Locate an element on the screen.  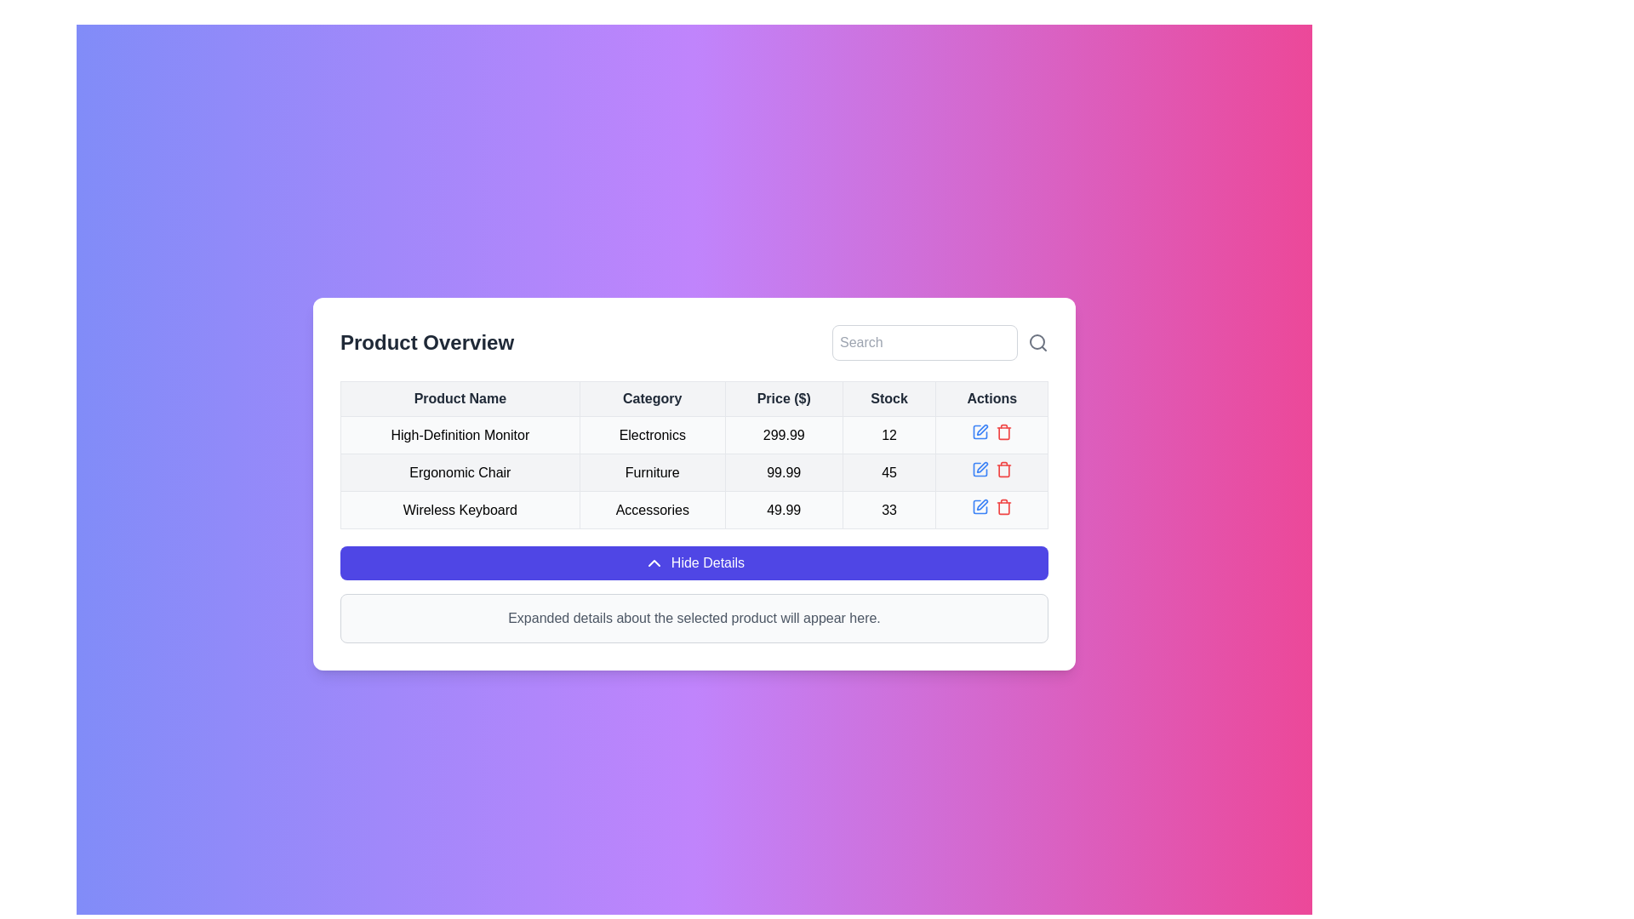
the editable action icon located in the 'Actions' column of the last row corresponding to the 'Wireless Keyboard' entry in the table is located at coordinates (980, 506).